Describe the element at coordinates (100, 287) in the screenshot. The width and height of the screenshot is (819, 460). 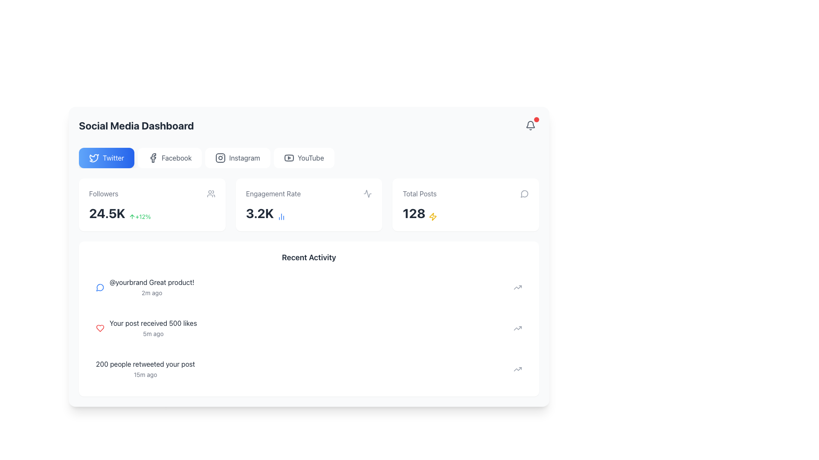
I see `the stylized circular speech bubble icon in the 'Recent Activity' section` at that location.